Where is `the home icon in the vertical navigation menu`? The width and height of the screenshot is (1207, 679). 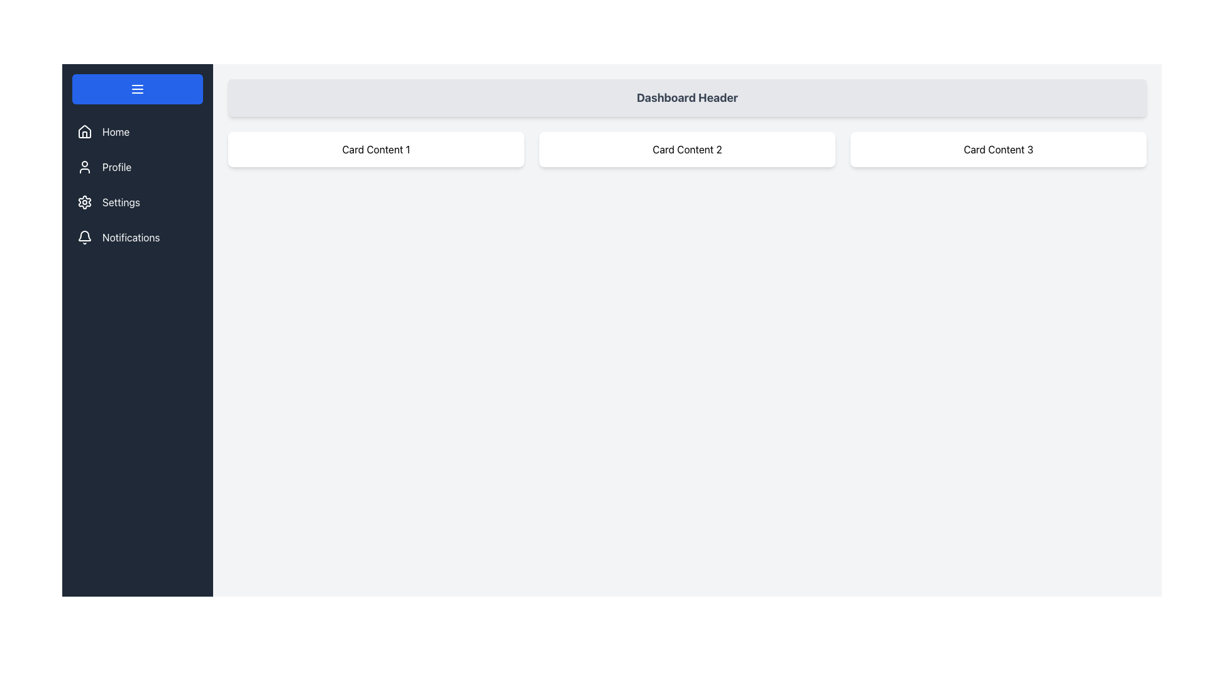
the home icon in the vertical navigation menu is located at coordinates (84, 131).